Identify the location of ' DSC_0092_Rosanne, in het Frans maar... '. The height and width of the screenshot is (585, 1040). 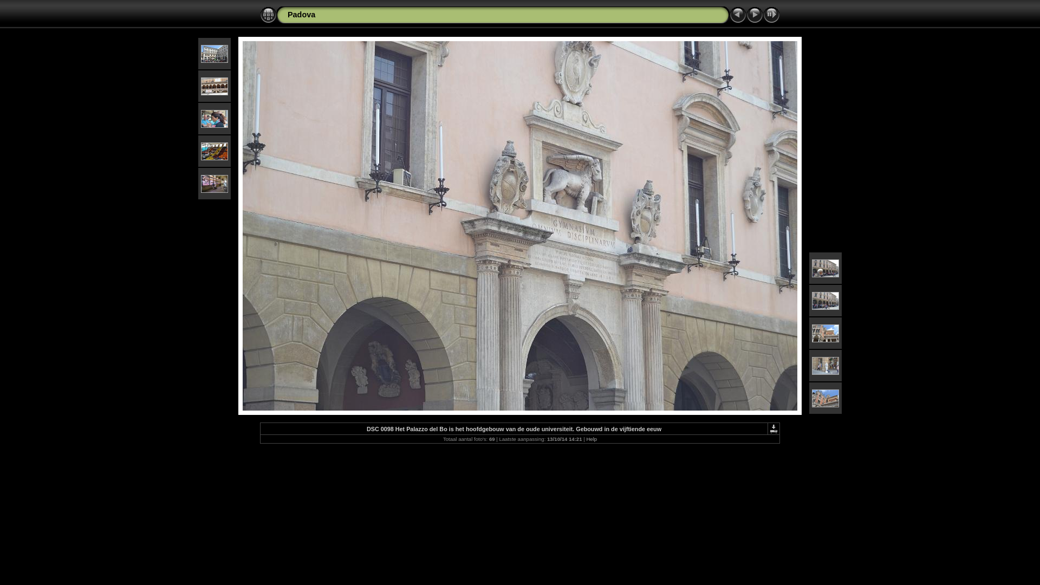
(214, 118).